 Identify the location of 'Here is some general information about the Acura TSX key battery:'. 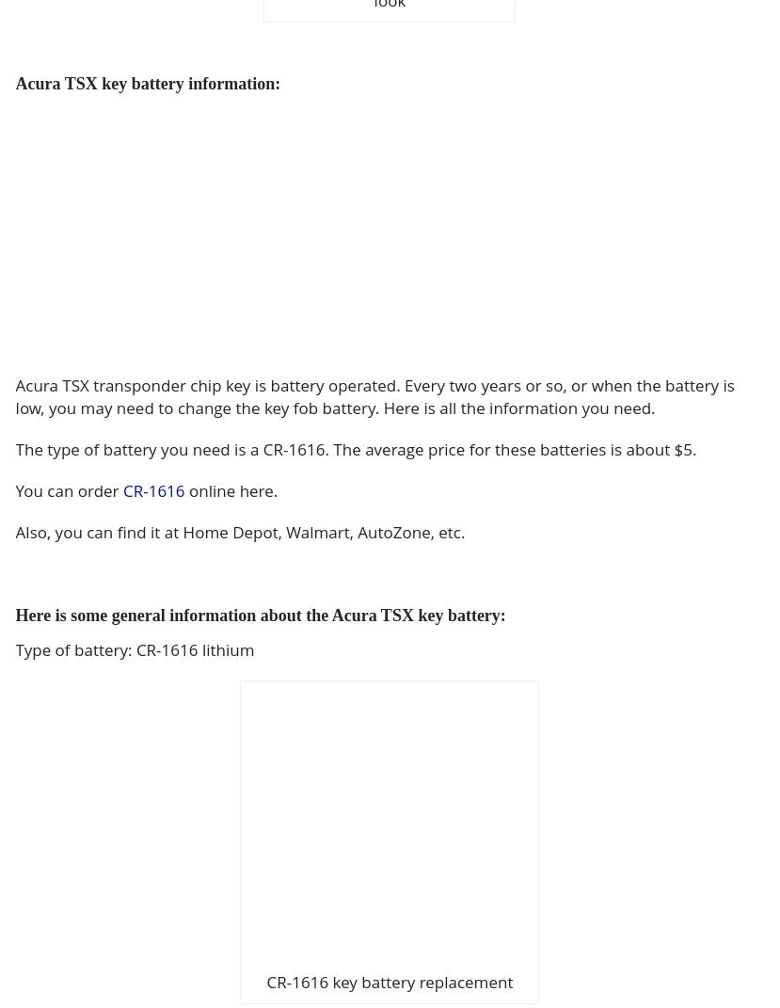
(259, 614).